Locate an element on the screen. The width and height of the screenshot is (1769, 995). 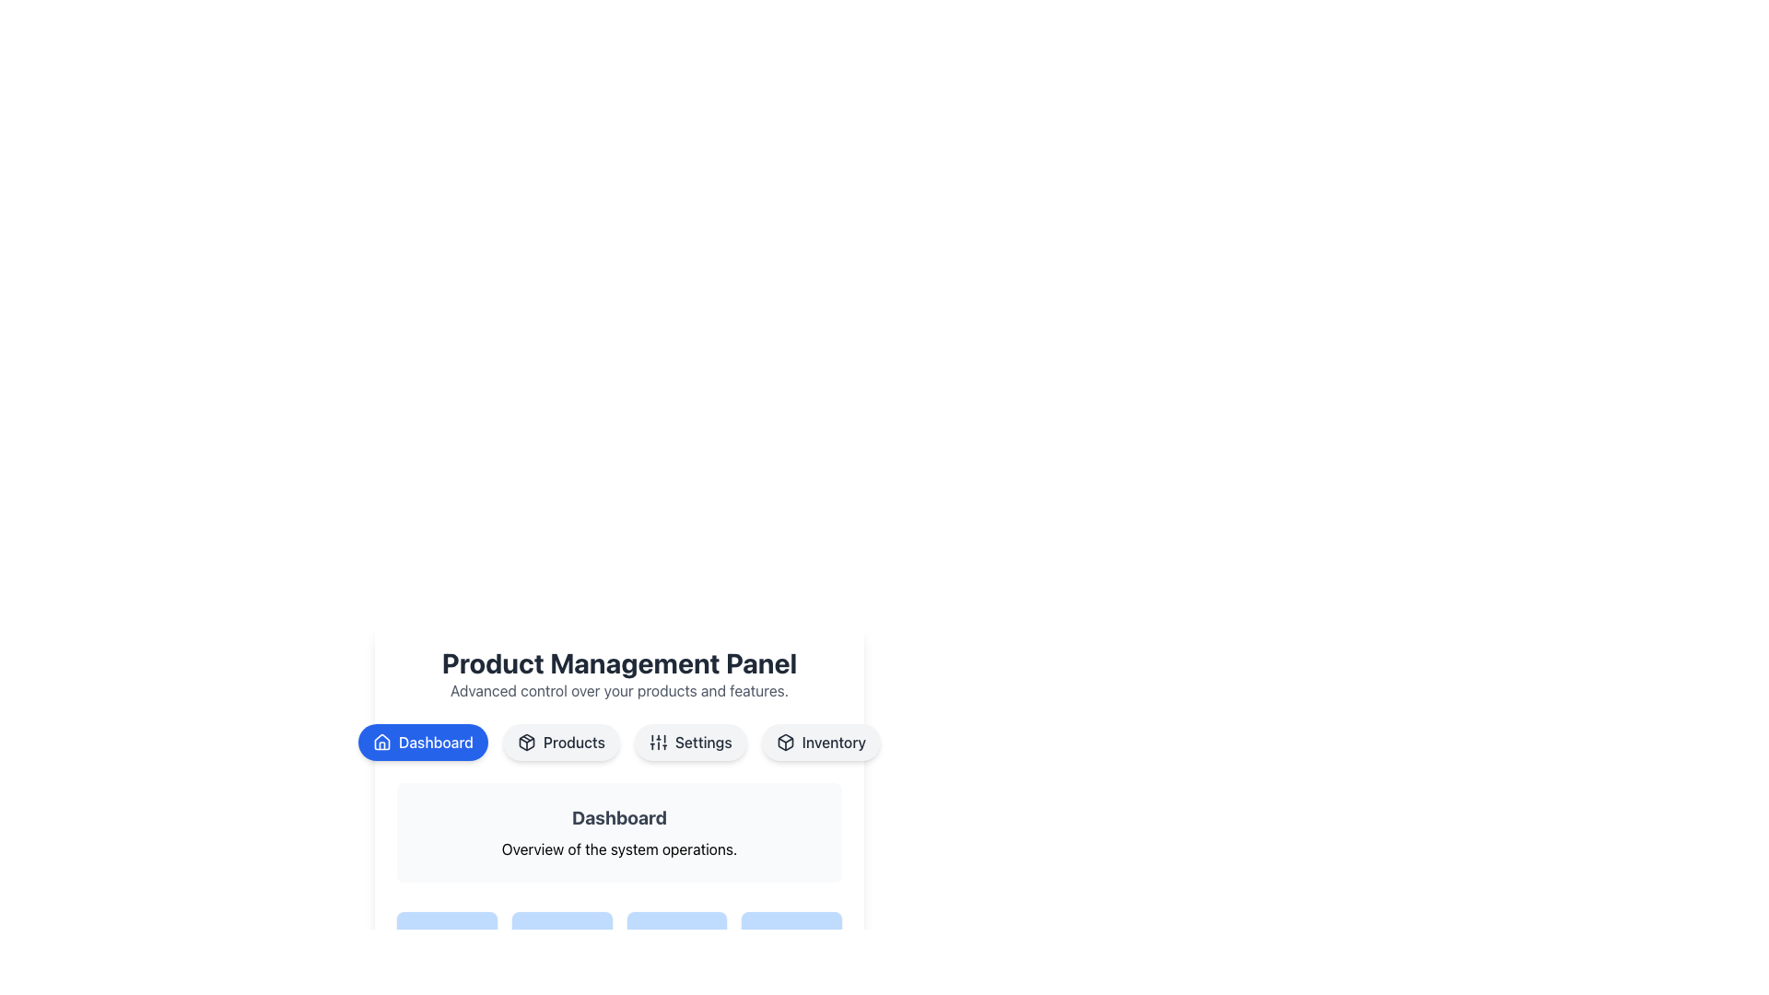
the static text reading 'Advanced control over your products and features.' which is located beneath the 'Product Management Panel' title is located at coordinates (619, 690).